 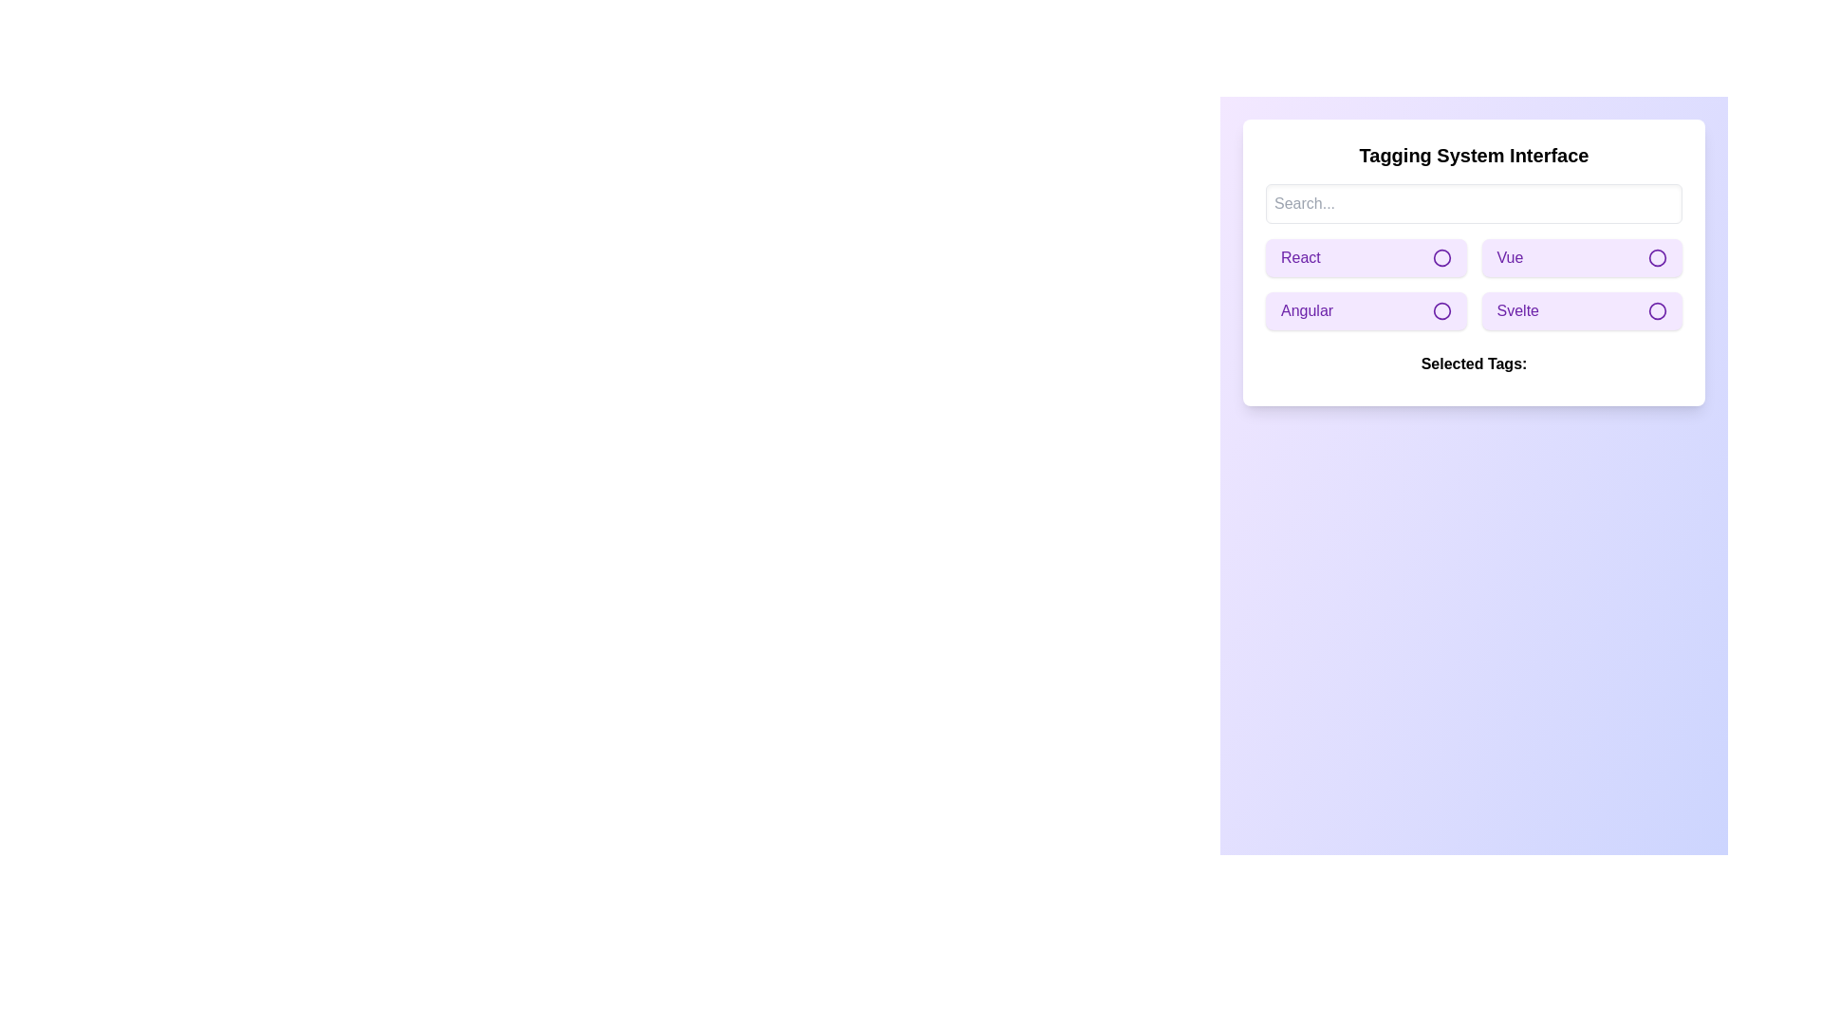 What do you see at coordinates (1516, 309) in the screenshot?
I see `selectable label for the 'Svelte' tag located between 'Vue' and a circular icon in the second row of selectable items` at bounding box center [1516, 309].